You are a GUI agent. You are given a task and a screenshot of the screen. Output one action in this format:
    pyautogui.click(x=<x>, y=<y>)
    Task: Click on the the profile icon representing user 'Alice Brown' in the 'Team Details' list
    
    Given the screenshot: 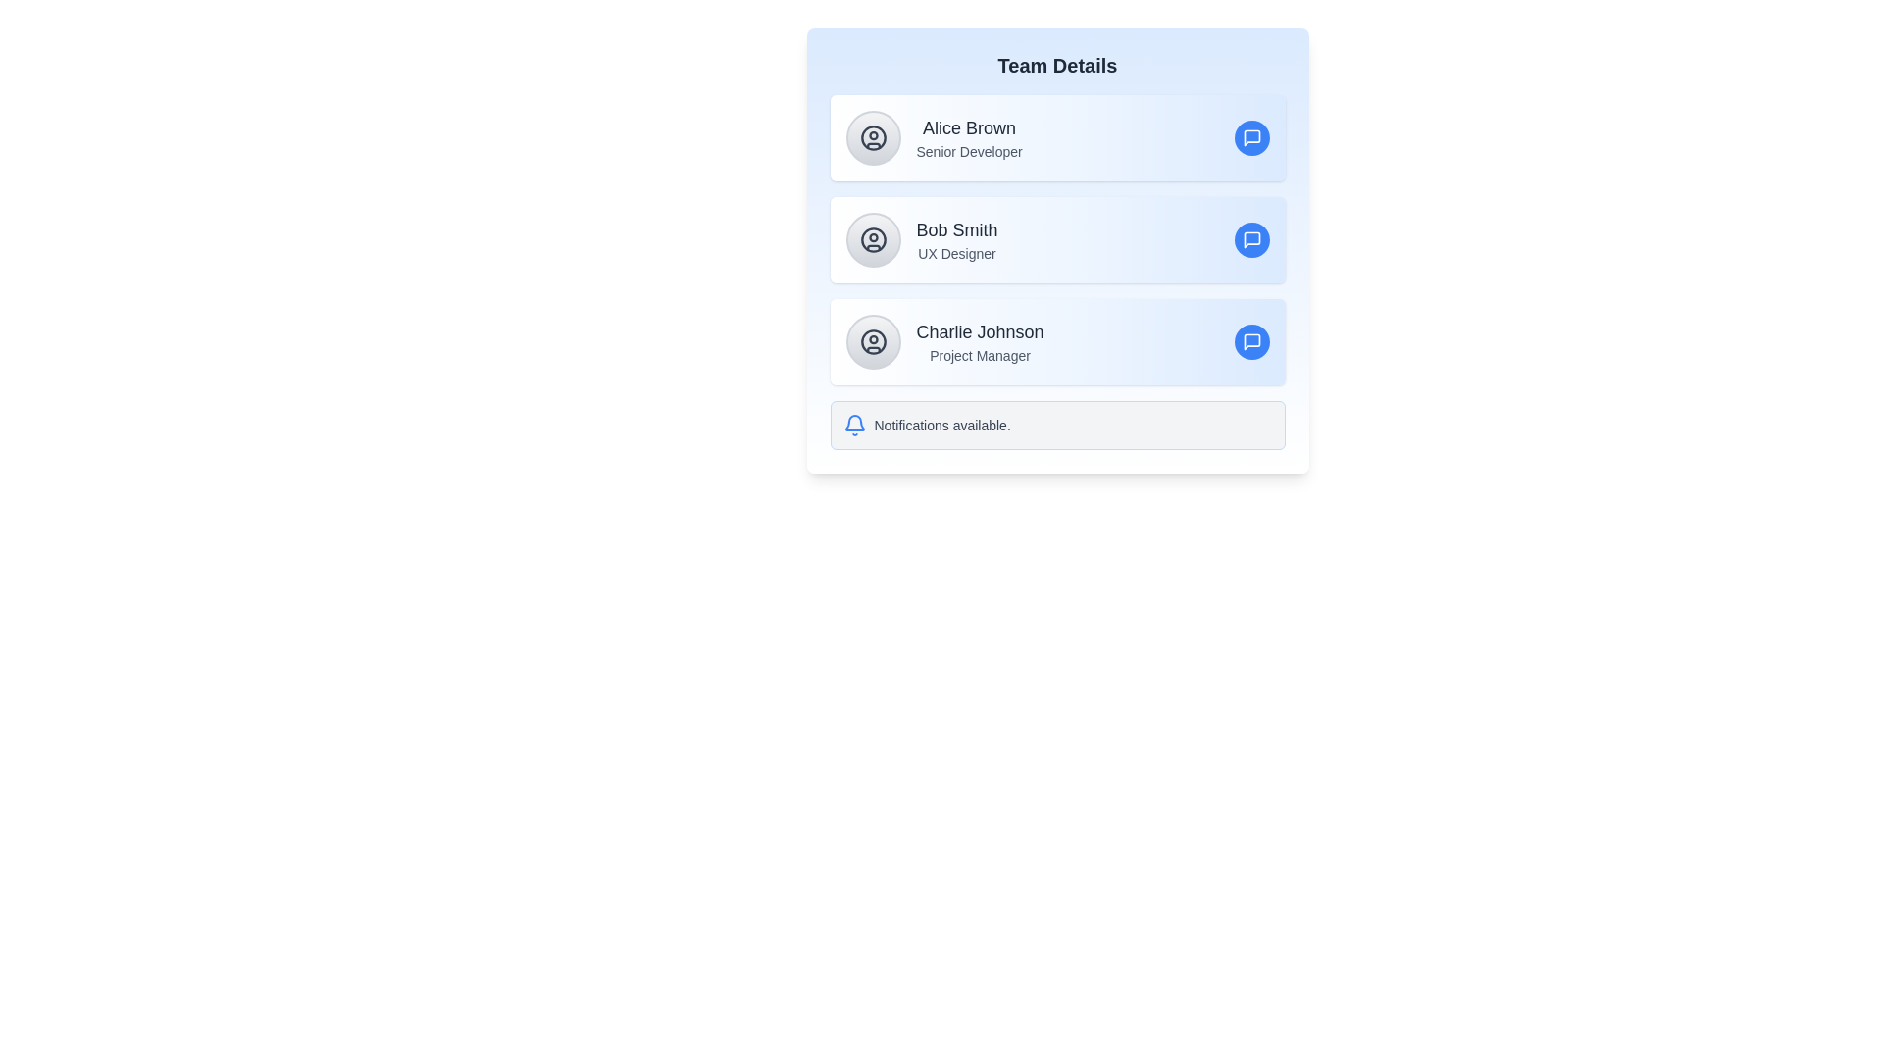 What is the action you would take?
    pyautogui.click(x=872, y=137)
    